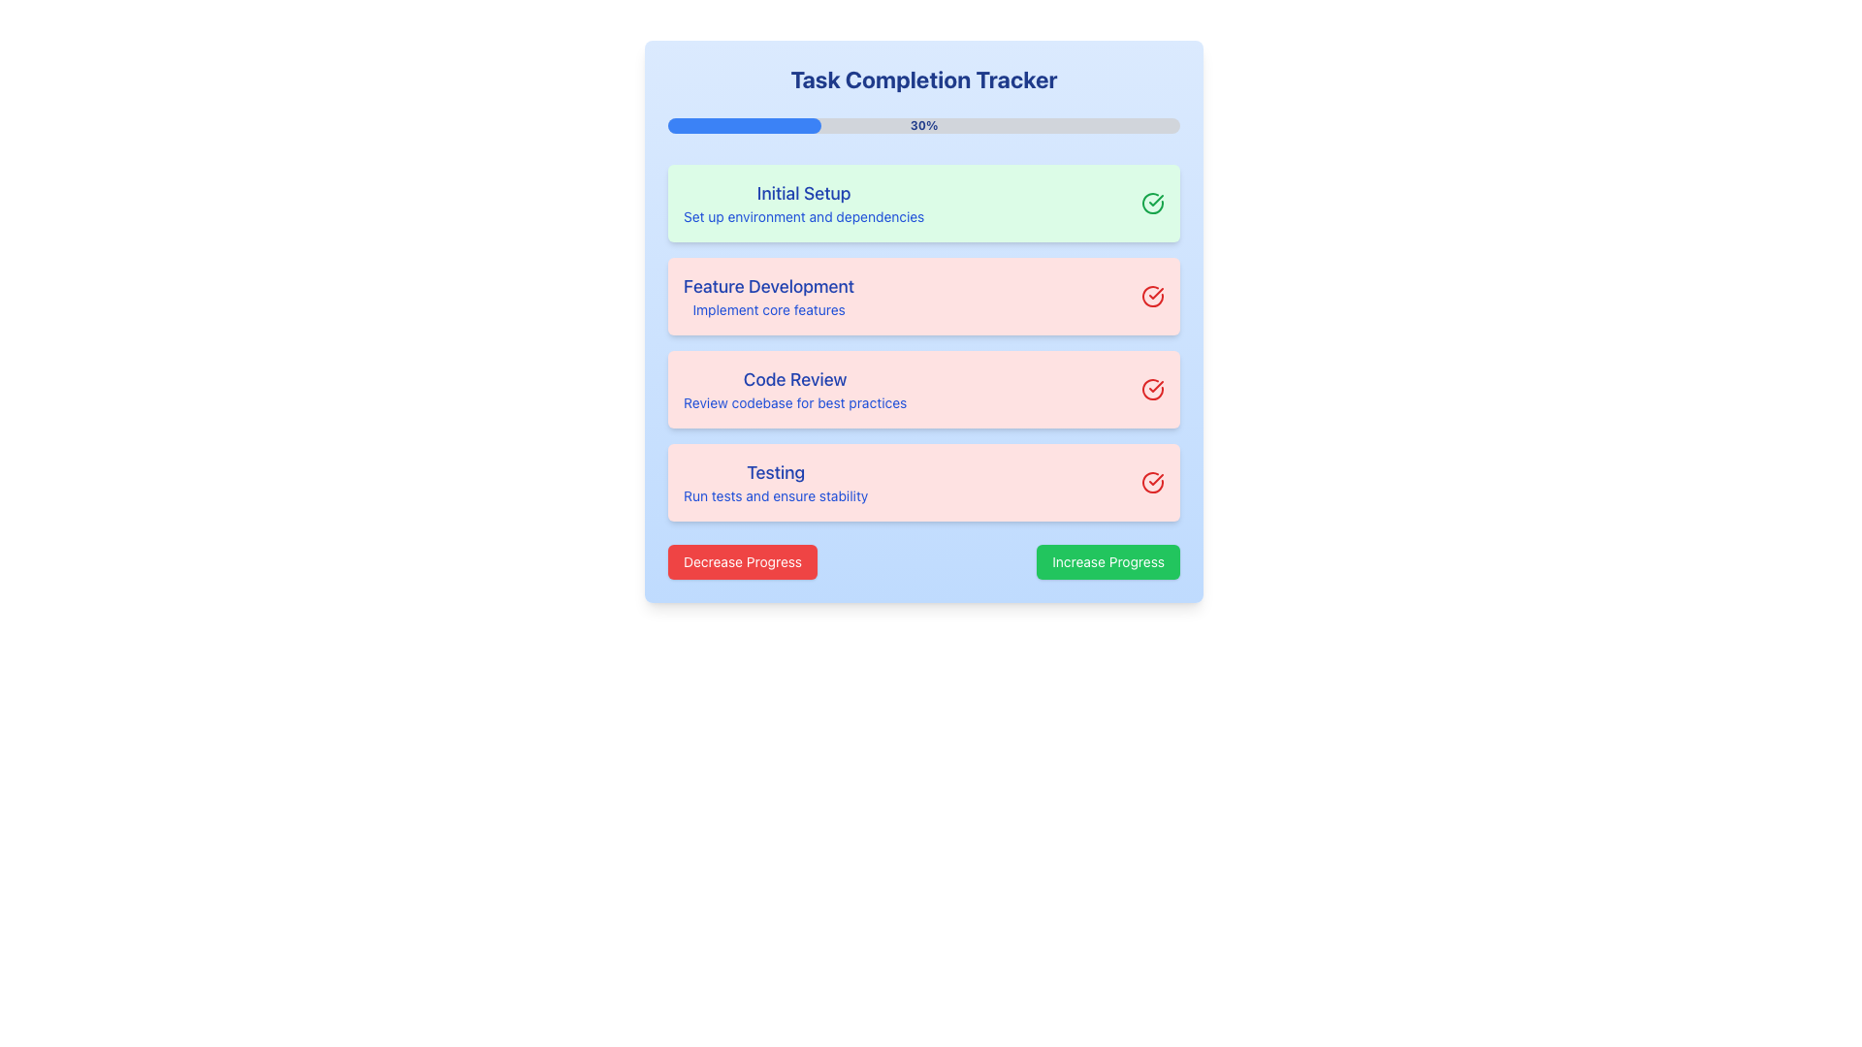  What do you see at coordinates (923, 126) in the screenshot?
I see `percentage value '30%' displayed at the center of the horizontal progress bar located in the 'Task Completion Tracker' card` at bounding box center [923, 126].